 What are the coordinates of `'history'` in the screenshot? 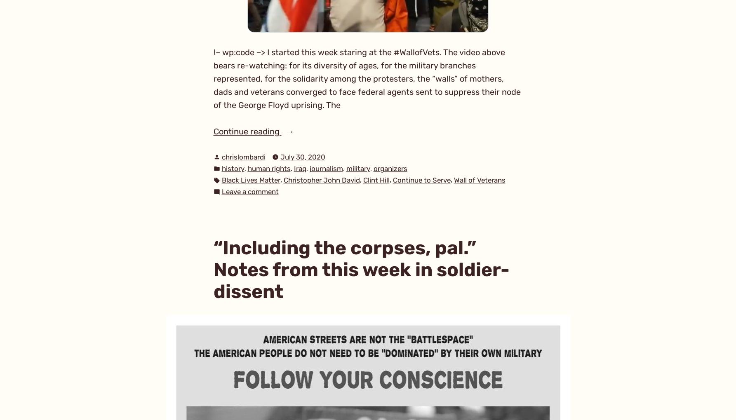 It's located at (233, 168).